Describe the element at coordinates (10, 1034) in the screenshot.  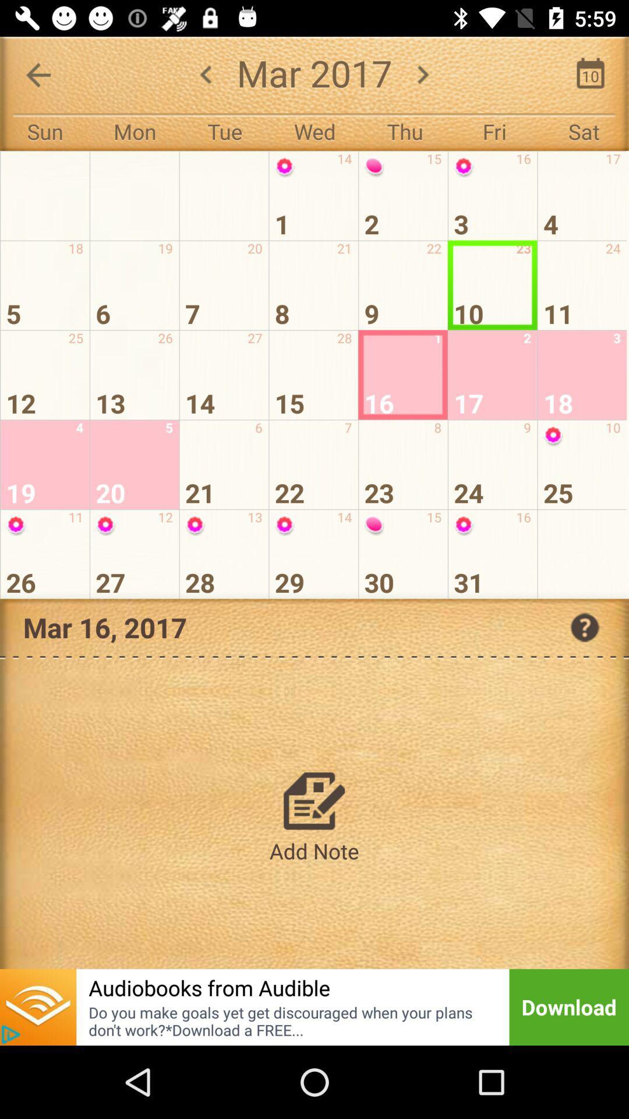
I see `the play icon` at that location.